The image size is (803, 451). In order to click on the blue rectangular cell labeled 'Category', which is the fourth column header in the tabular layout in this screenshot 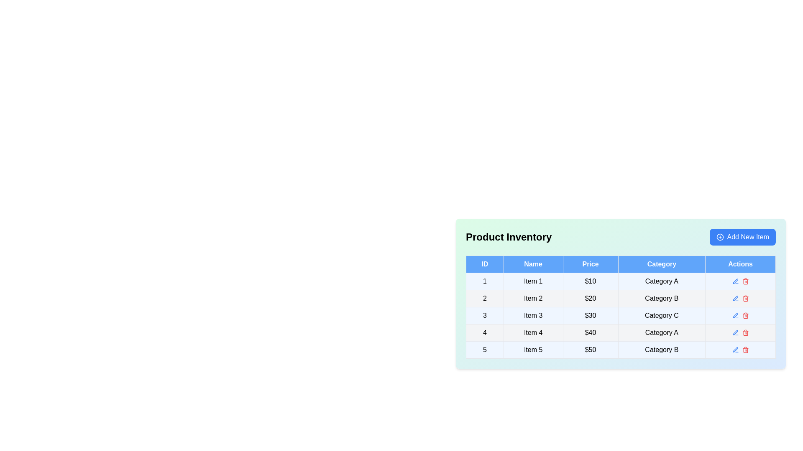, I will do `click(661, 264)`.